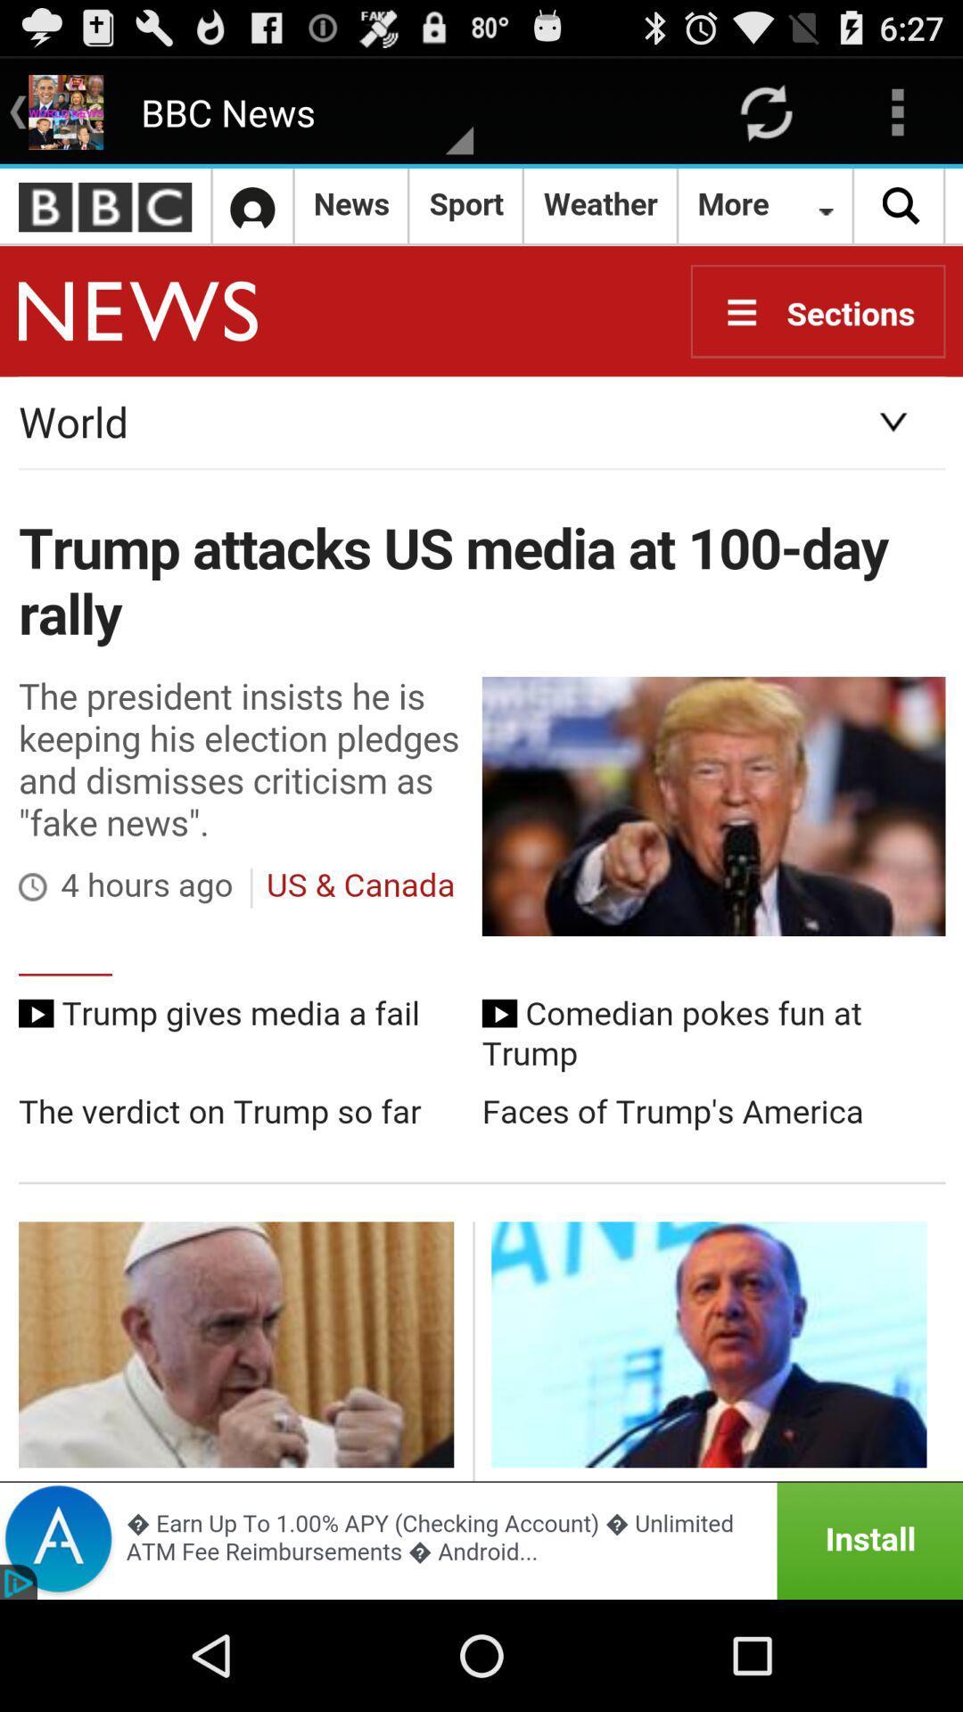  Describe the element at coordinates (481, 1540) in the screenshot. I see `open advert` at that location.